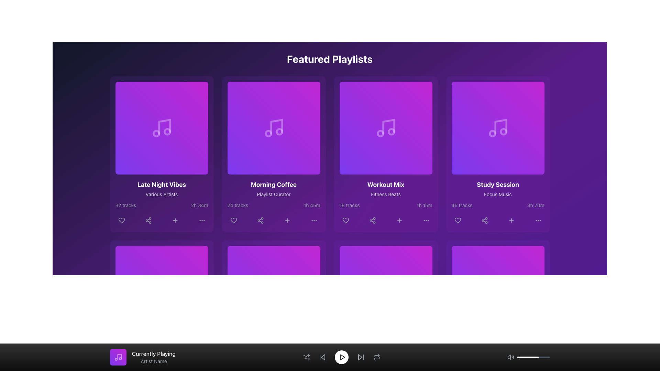 The height and width of the screenshot is (371, 660). Describe the element at coordinates (387, 128) in the screenshot. I see `the central play triangle icon within the circular button located below the 'Workout Mix' section in the 'Featured Playlists' grid to play the playlist` at that location.